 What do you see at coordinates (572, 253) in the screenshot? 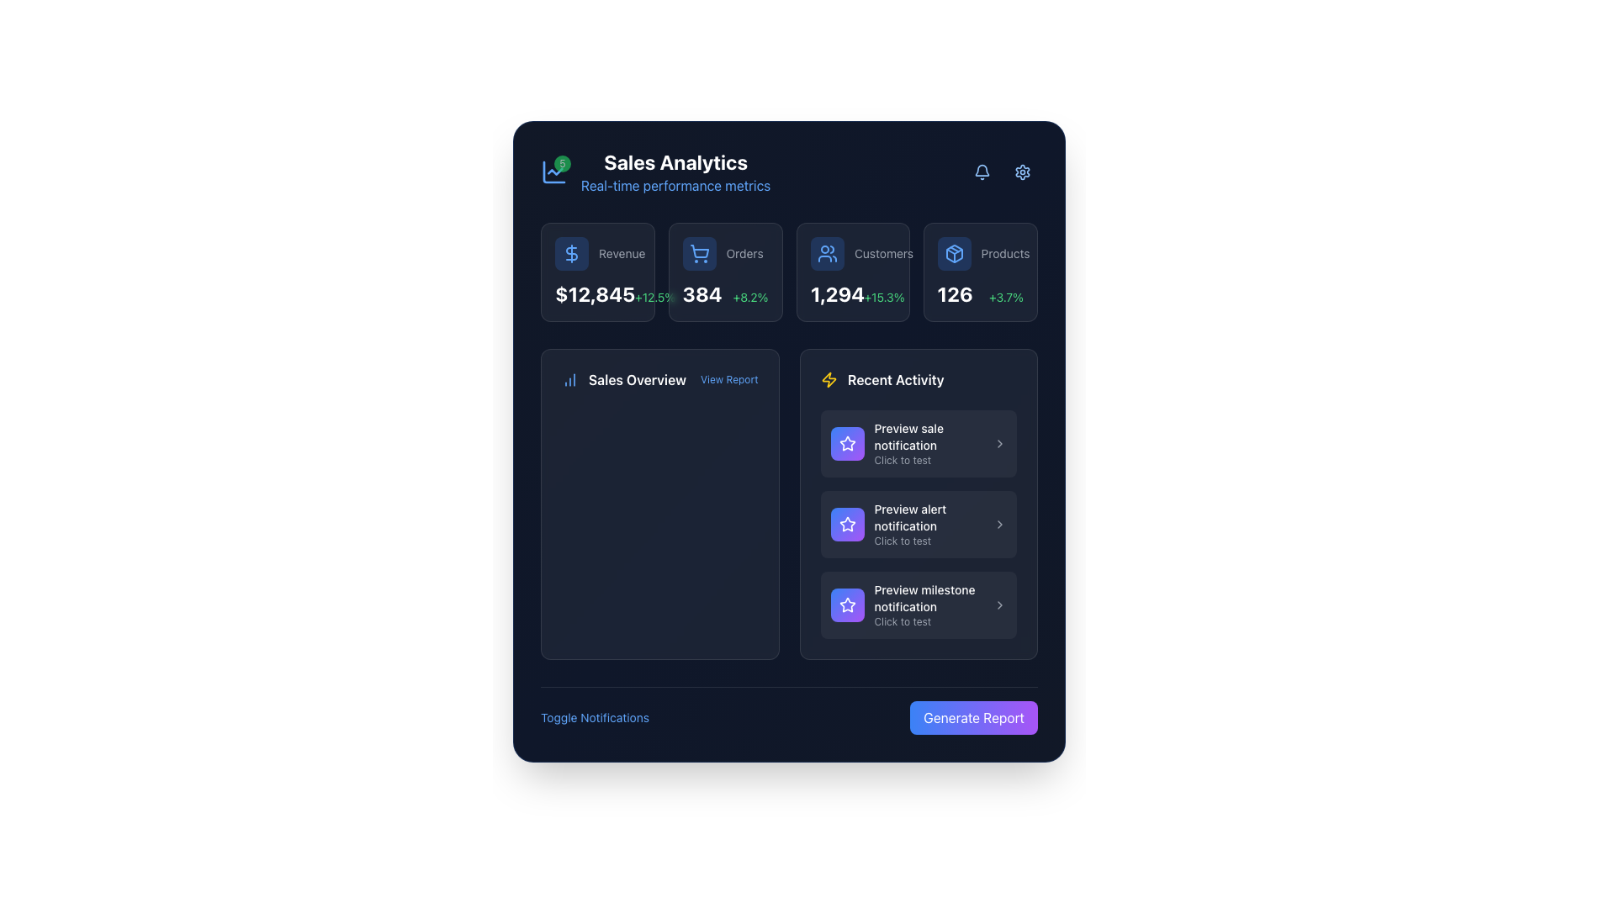
I see `the blue dollar sign SVG icon located to the left of the 'Revenue' text in the Revenue summary box on the dashboard` at bounding box center [572, 253].